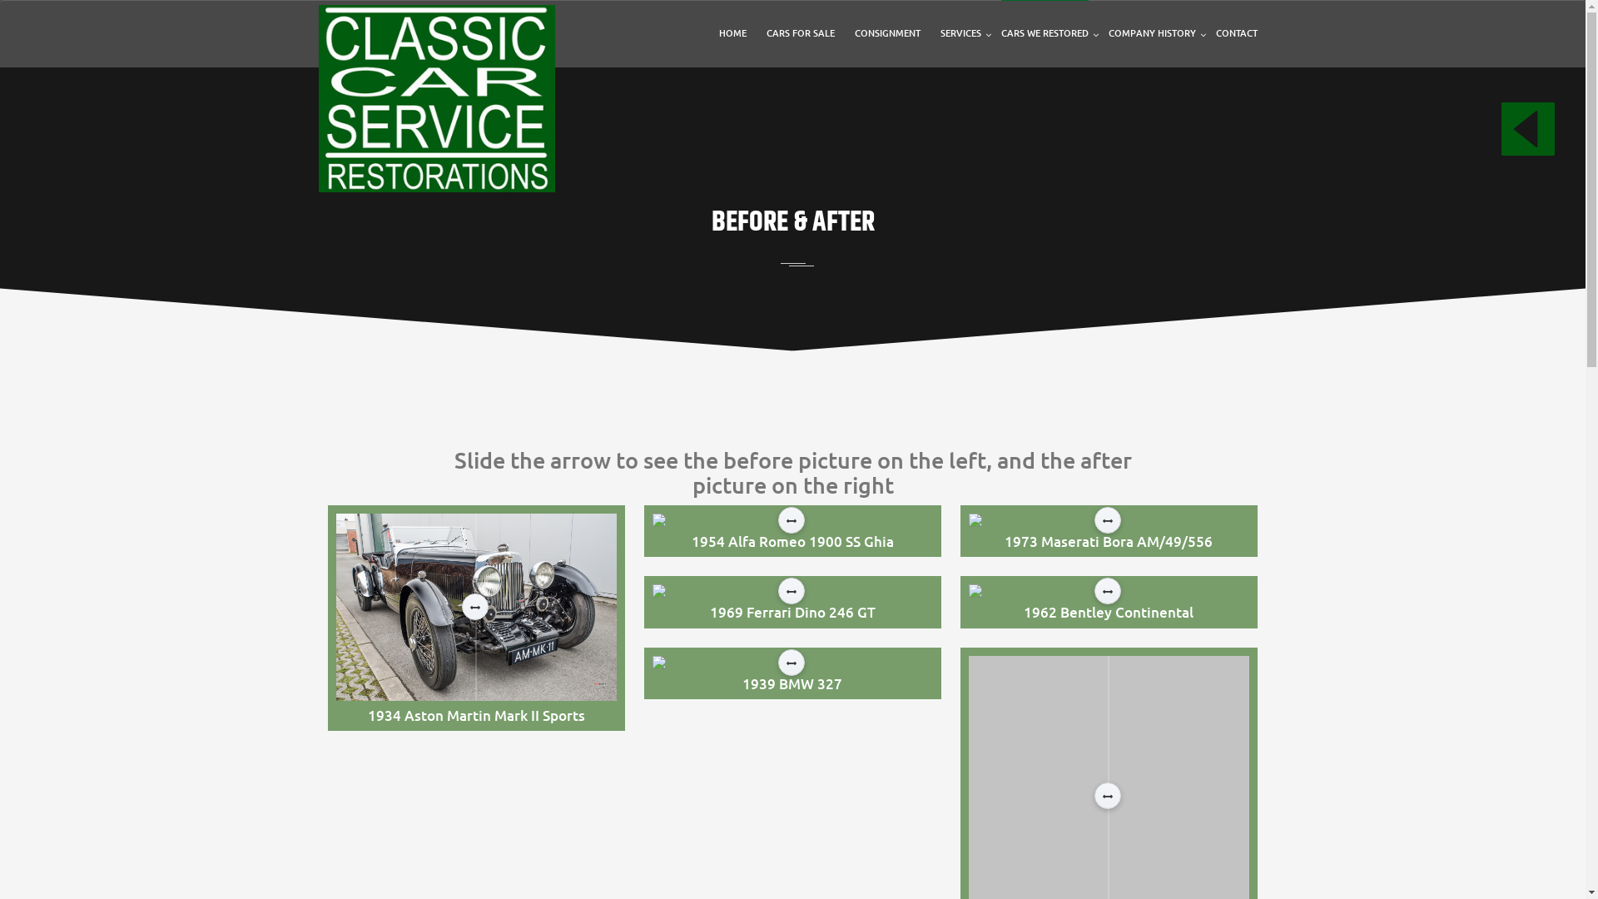 The height and width of the screenshot is (899, 1598). Describe the element at coordinates (1151, 32) in the screenshot. I see `'COMPANY HISTORY'` at that location.